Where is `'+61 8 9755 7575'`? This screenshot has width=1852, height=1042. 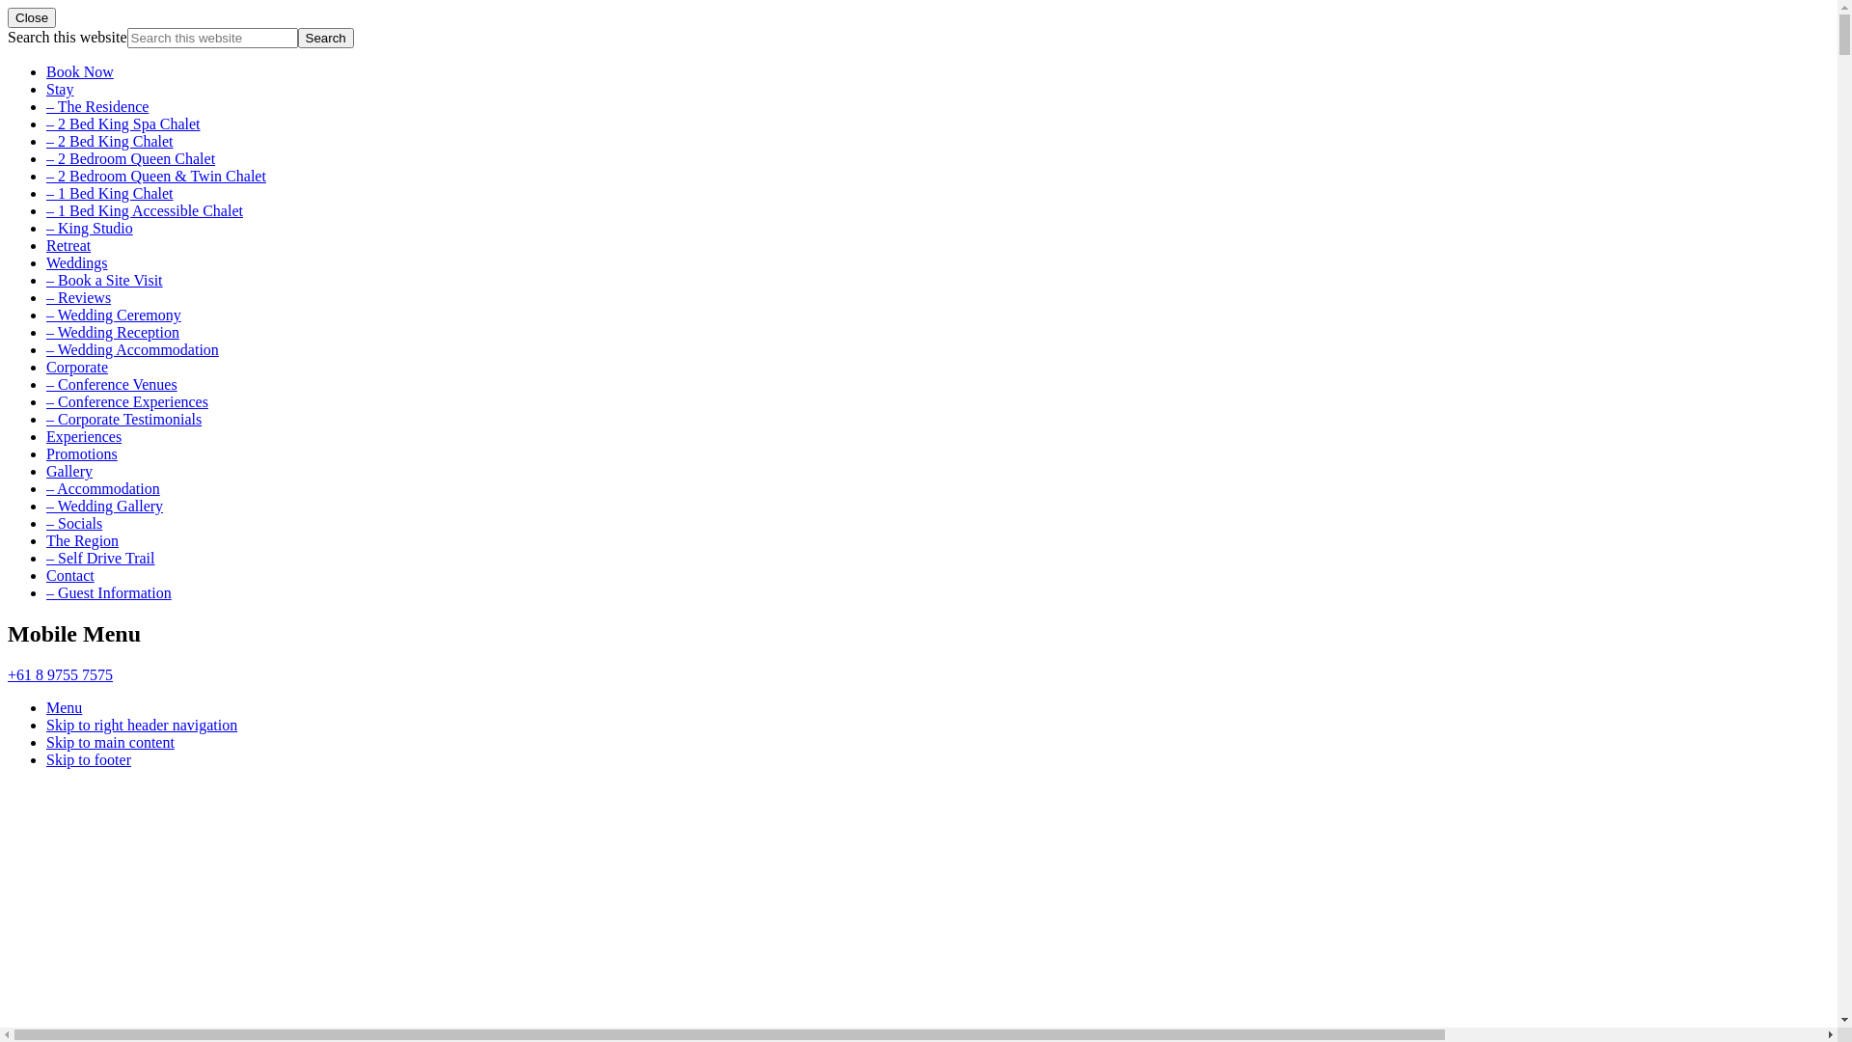 '+61 8 9755 7575' is located at coordinates (60, 673).